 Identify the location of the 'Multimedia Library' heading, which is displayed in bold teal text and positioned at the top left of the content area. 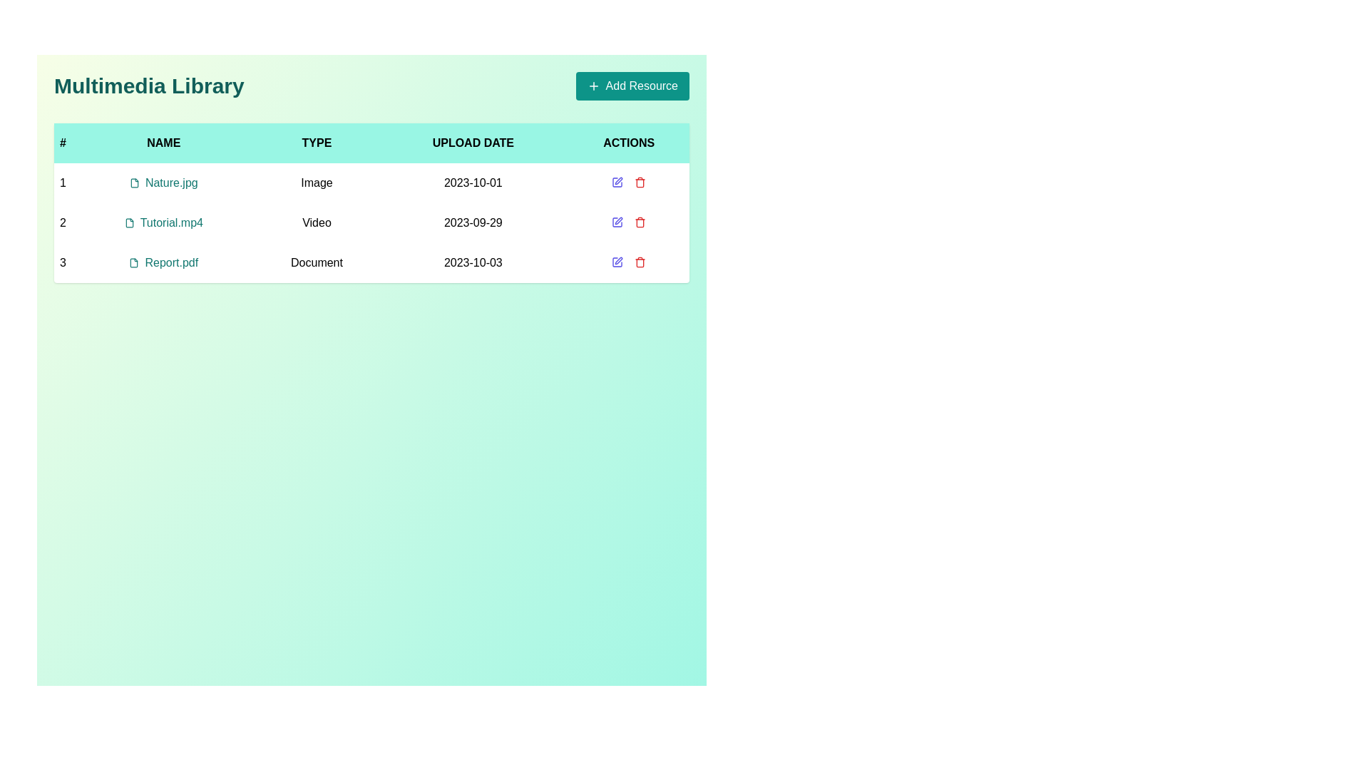
(149, 86).